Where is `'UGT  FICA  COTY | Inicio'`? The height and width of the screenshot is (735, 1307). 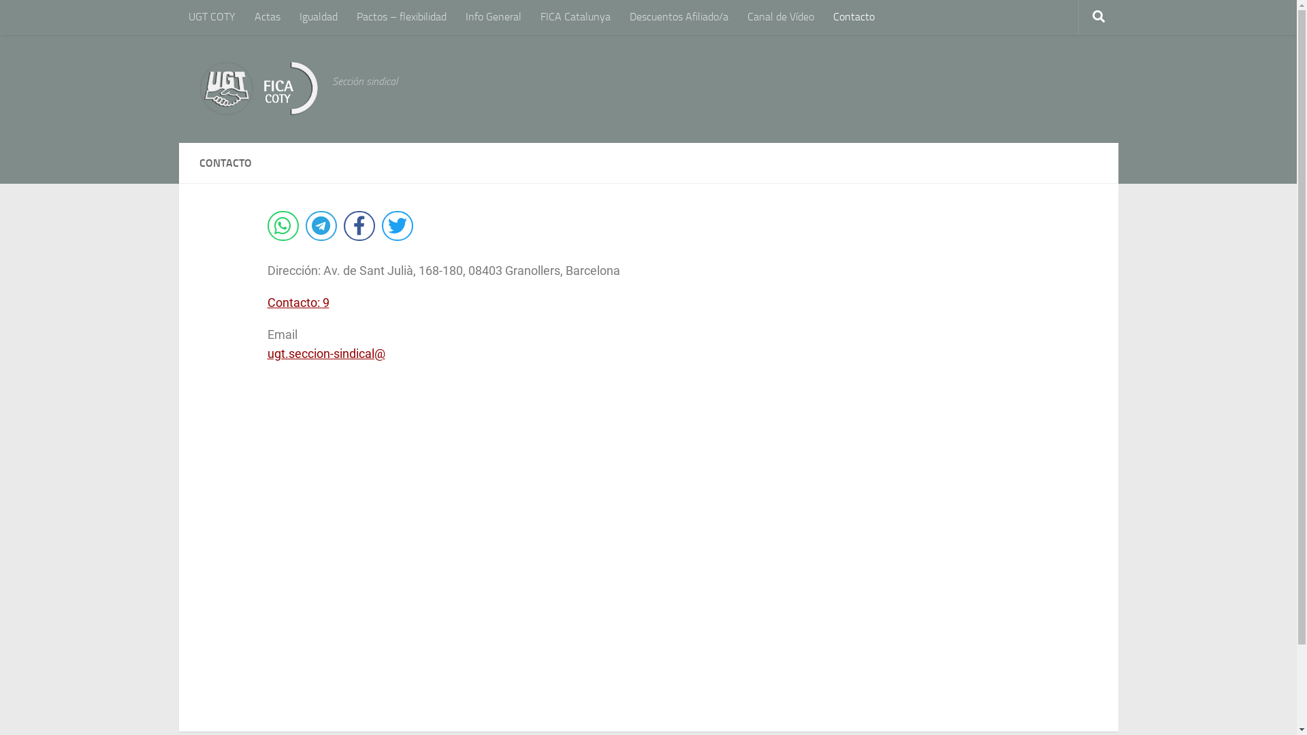 'UGT  FICA  COTY | Inicio' is located at coordinates (258, 88).